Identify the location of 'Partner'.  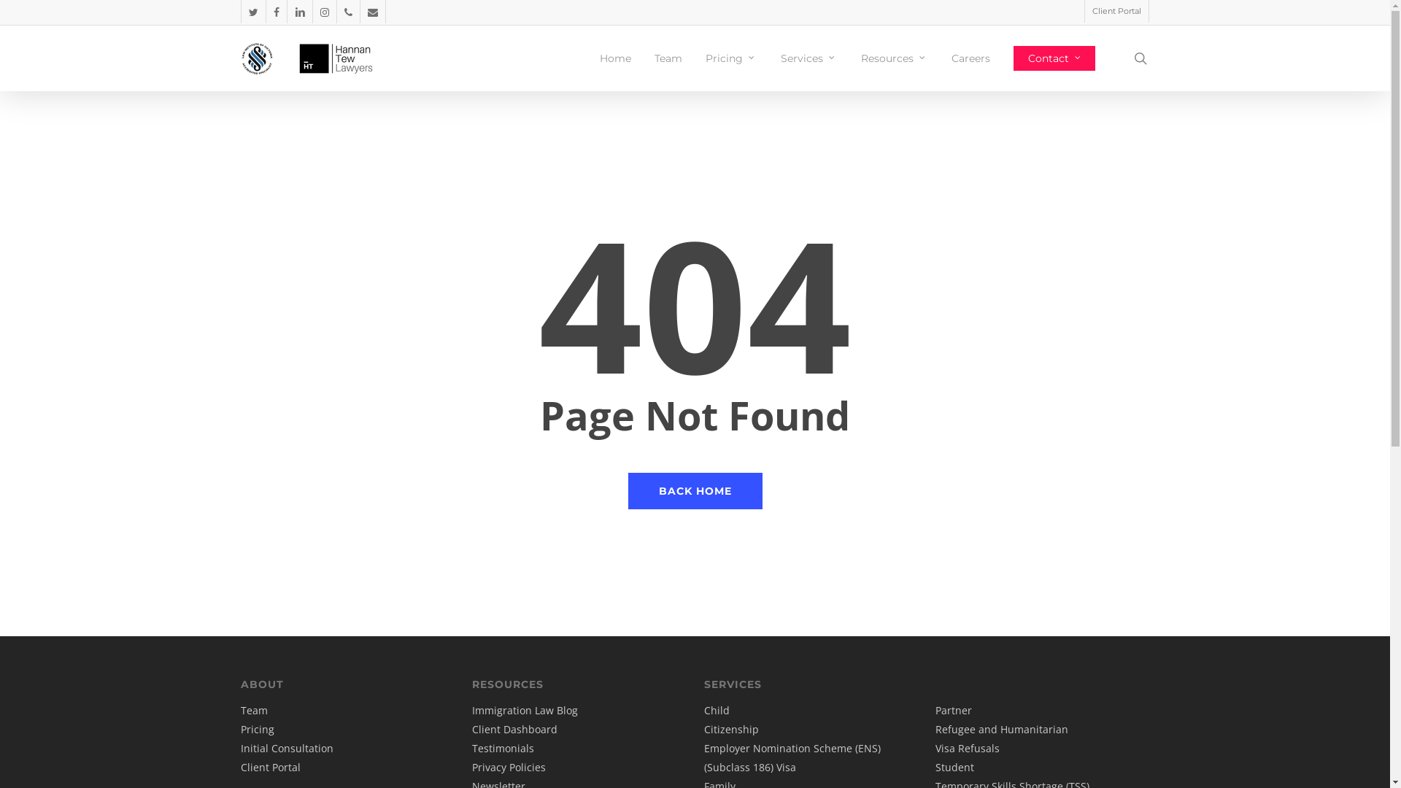
(953, 709).